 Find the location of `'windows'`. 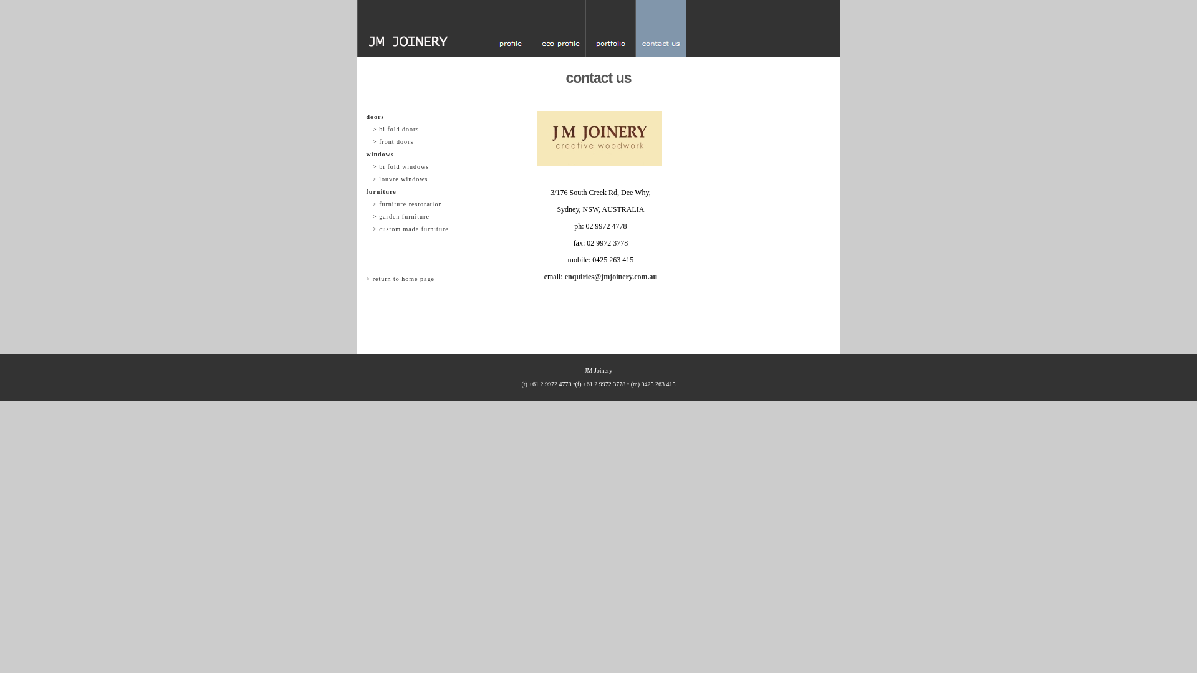

'windows' is located at coordinates (416, 153).